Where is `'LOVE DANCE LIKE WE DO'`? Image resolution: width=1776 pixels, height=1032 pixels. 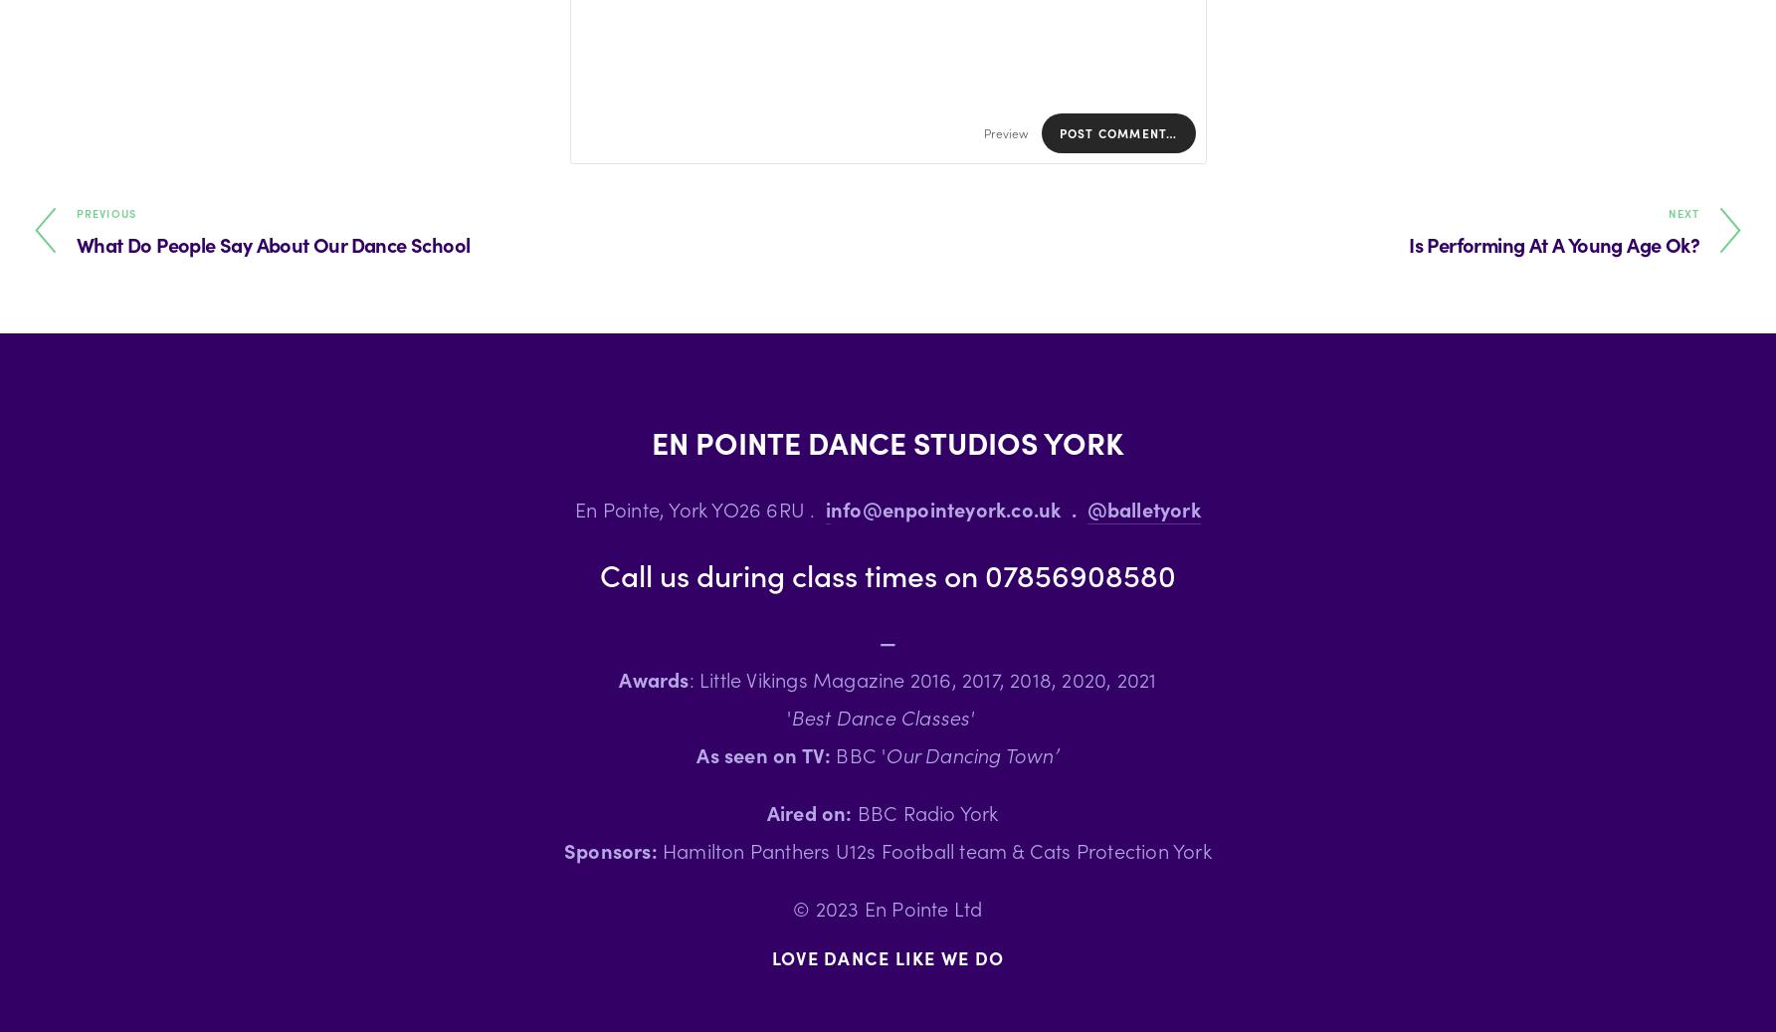
'LOVE DANCE LIKE WE DO' is located at coordinates (887, 956).